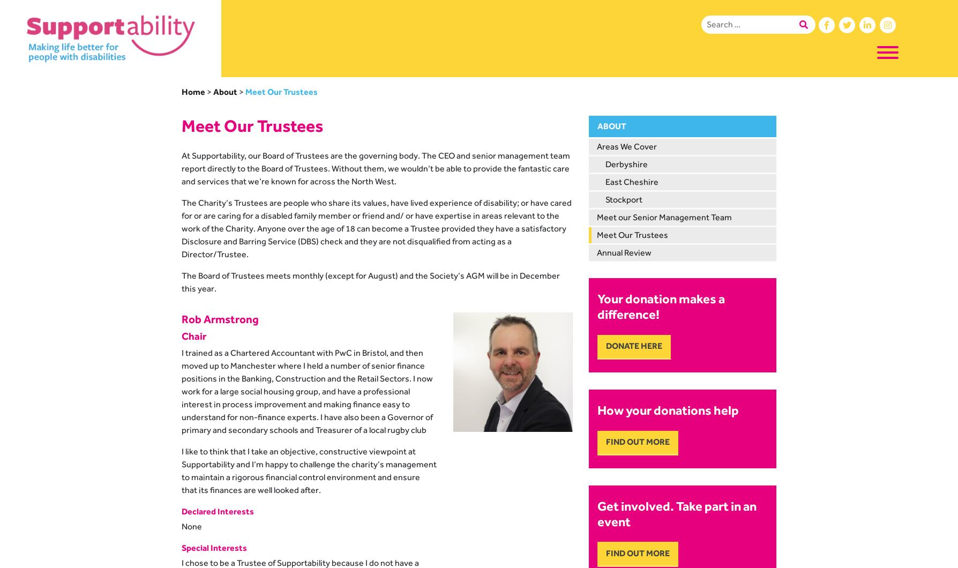 The width and height of the screenshot is (958, 568). Describe the element at coordinates (626, 164) in the screenshot. I see `'Derbyshire'` at that location.